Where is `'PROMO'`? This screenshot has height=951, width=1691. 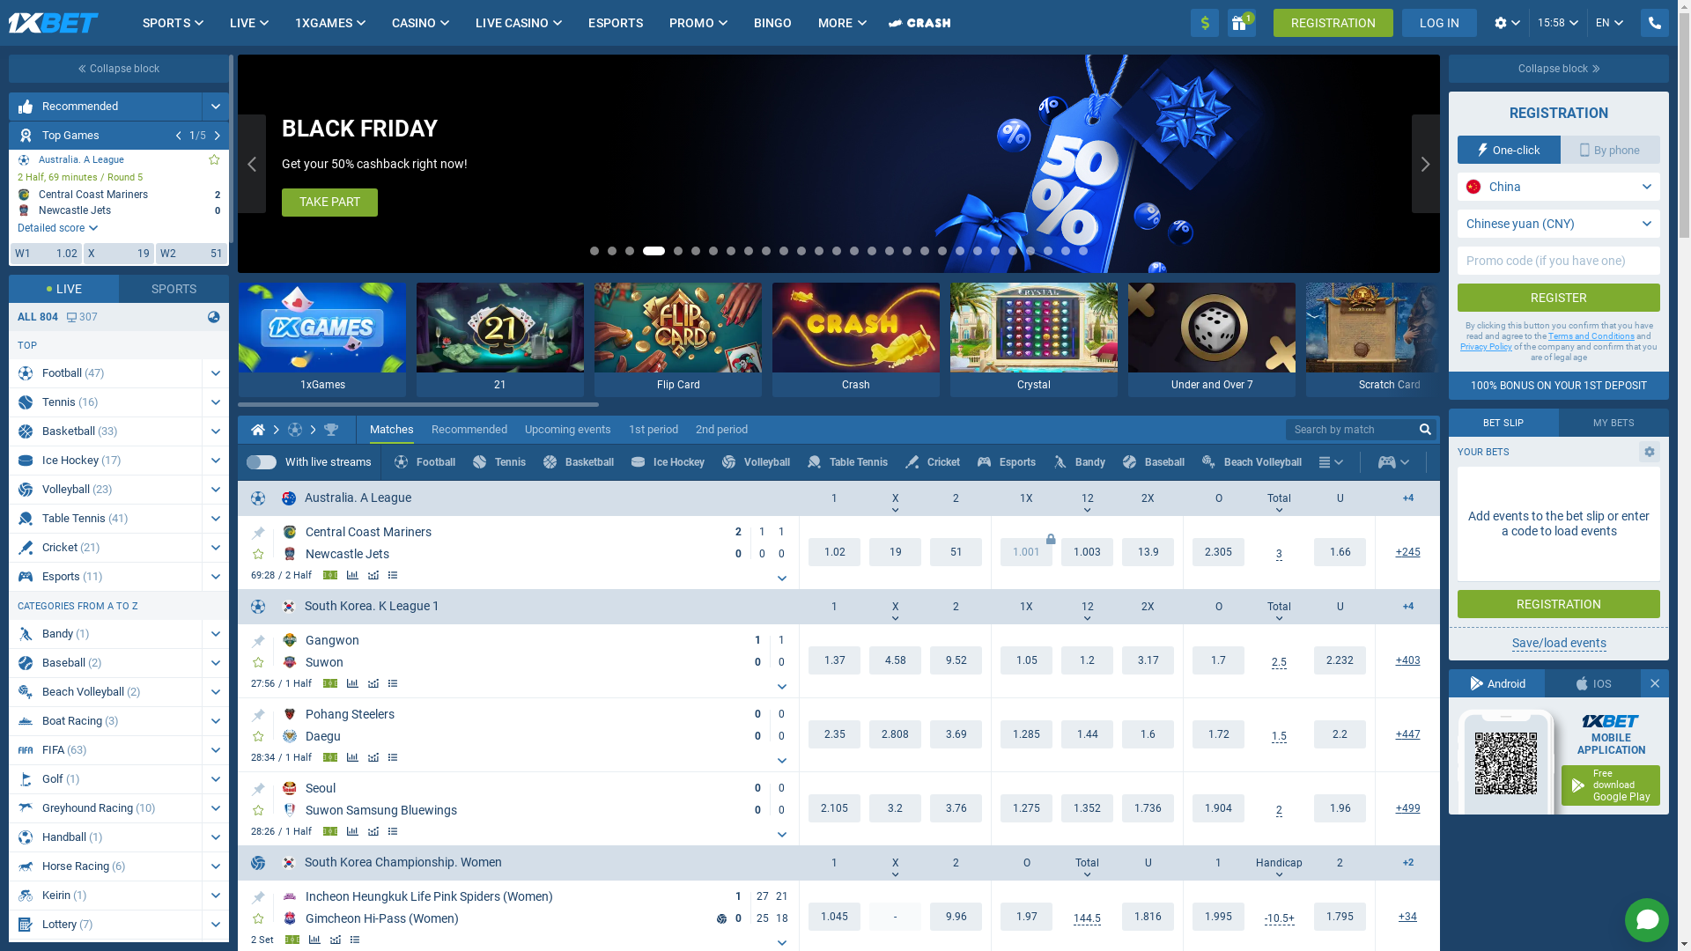
'PROMO' is located at coordinates (690, 23).